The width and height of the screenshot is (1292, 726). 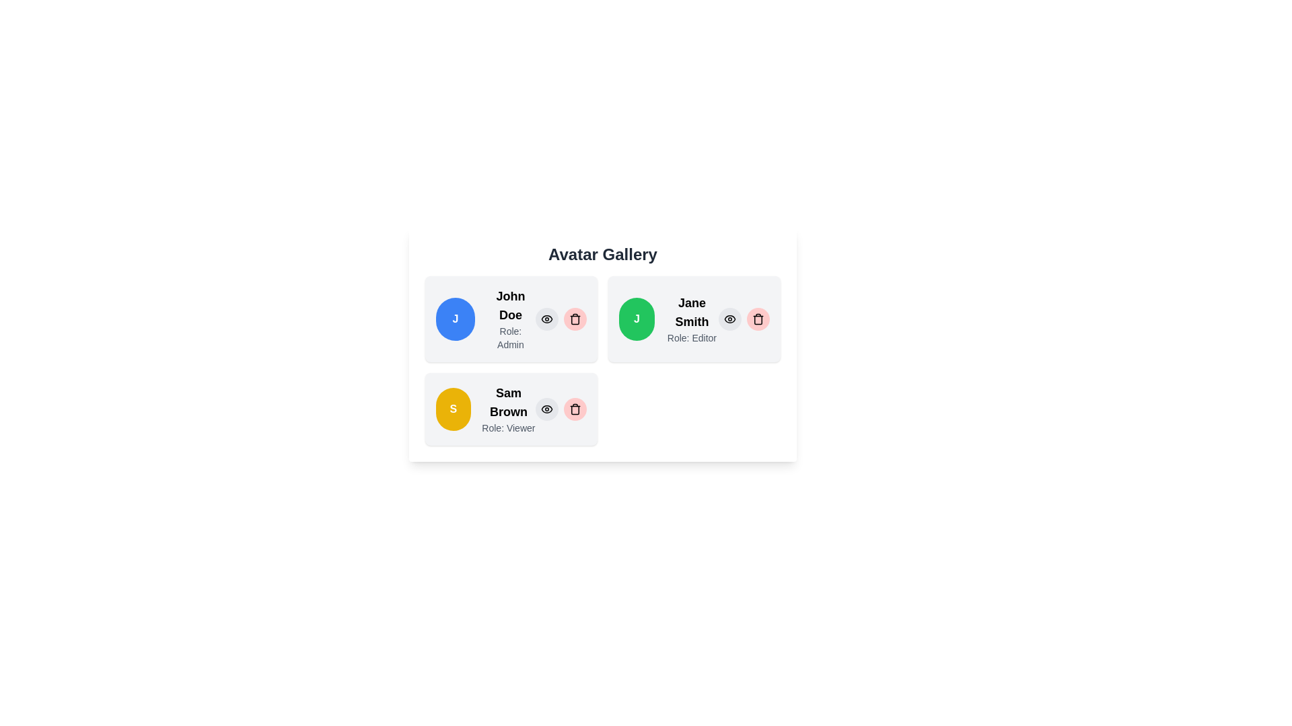 What do you see at coordinates (507, 409) in the screenshot?
I see `the text block displaying the name 'Sam Brown' and role 'Viewer', which is located in the bottom left of the grid layout, part of the Avatar Gallery` at bounding box center [507, 409].